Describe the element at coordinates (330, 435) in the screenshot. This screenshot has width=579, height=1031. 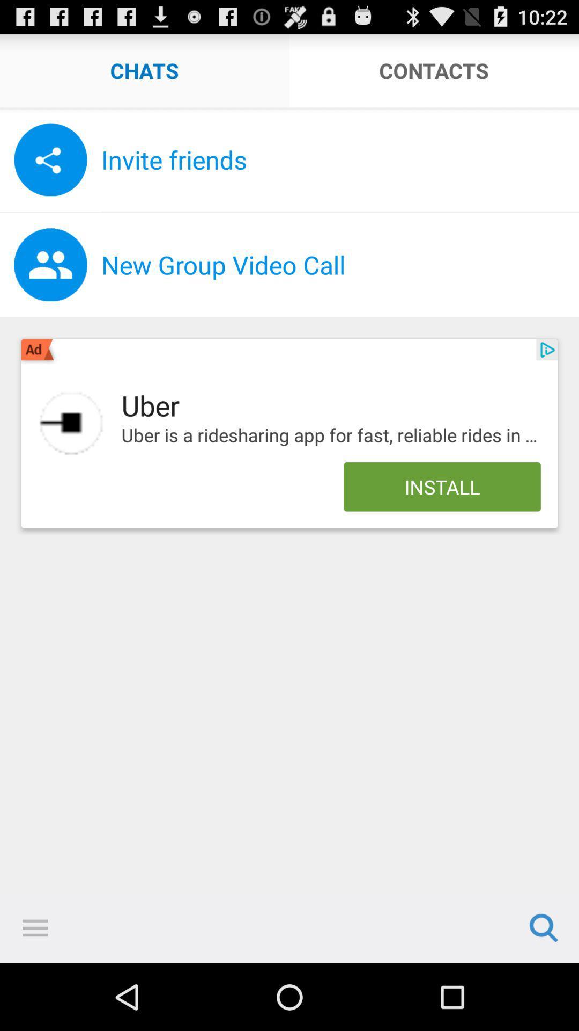
I see `the icon at the center` at that location.